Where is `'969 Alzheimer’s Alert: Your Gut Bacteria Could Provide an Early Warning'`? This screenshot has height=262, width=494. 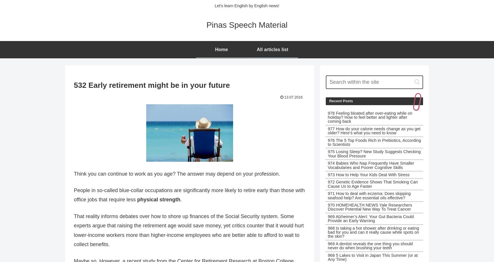 '969 Alzheimer’s Alert: Your Gut Bacteria Could Provide an Early Warning' is located at coordinates (327, 218).